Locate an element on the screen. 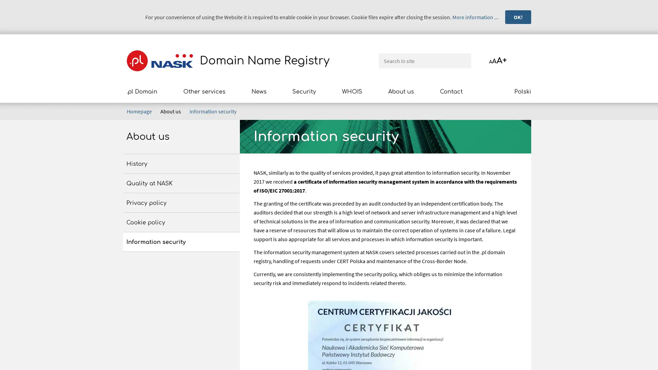 The height and width of the screenshot is (370, 658). Search is located at coordinates (463, 60).